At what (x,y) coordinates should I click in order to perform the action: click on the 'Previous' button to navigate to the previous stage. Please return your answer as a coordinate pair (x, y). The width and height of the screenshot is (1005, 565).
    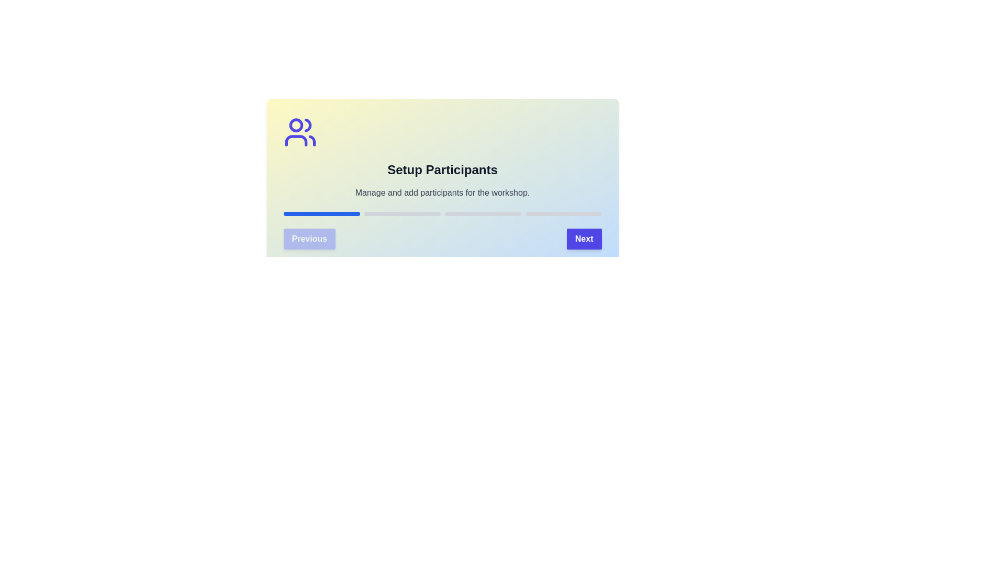
    Looking at the image, I should click on (309, 239).